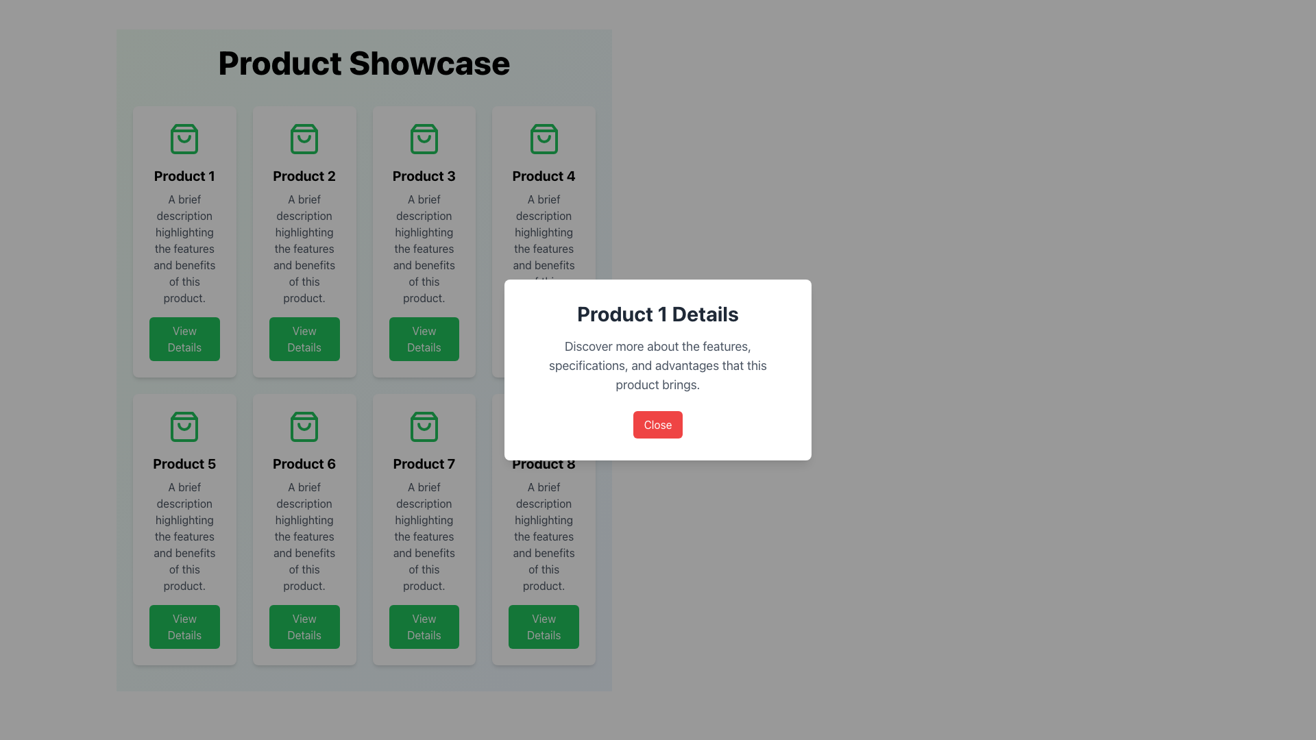 This screenshot has width=1316, height=740. Describe the element at coordinates (184, 338) in the screenshot. I see `the call-to-action button located at the bottom of the product card` at that location.